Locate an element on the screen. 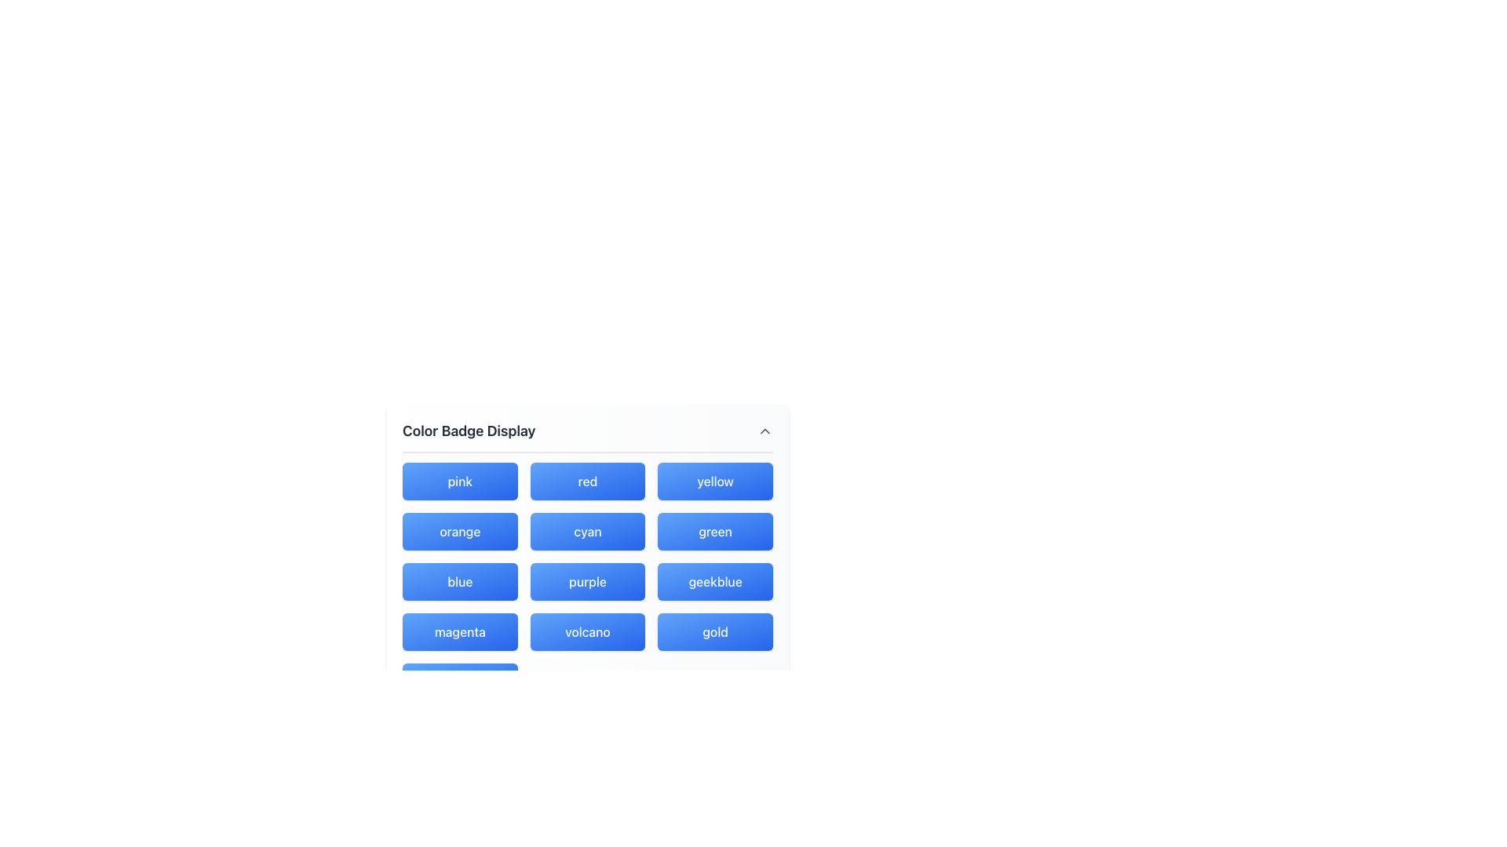  the rectangular button with a gradient blue background and the text 'blue' in bold white font is located at coordinates (459, 581).